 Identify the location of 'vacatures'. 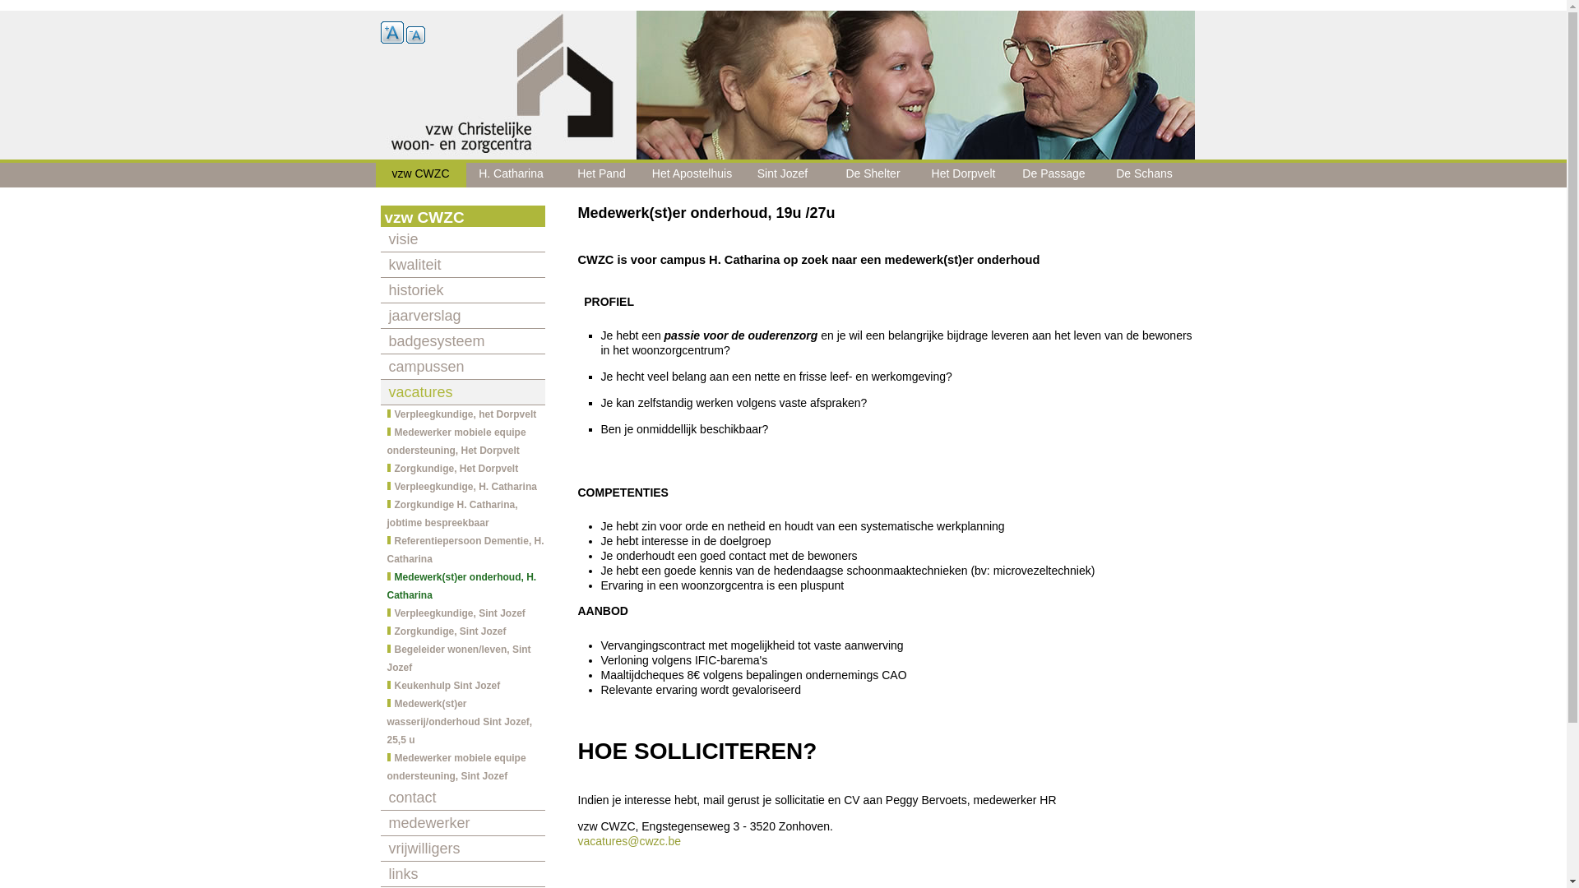
(461, 392).